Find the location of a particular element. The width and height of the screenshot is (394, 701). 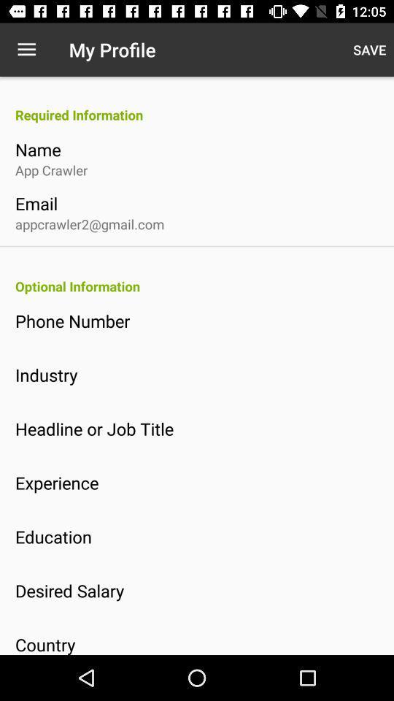

the icon above the name icon is located at coordinates (204, 114).